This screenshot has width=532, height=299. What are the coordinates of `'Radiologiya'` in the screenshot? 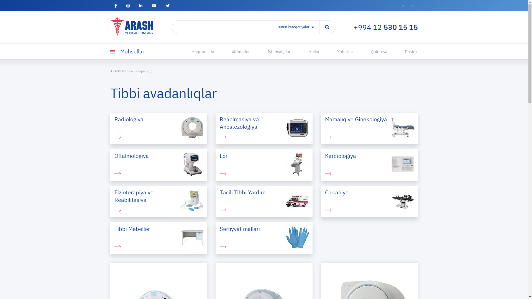 It's located at (158, 128).